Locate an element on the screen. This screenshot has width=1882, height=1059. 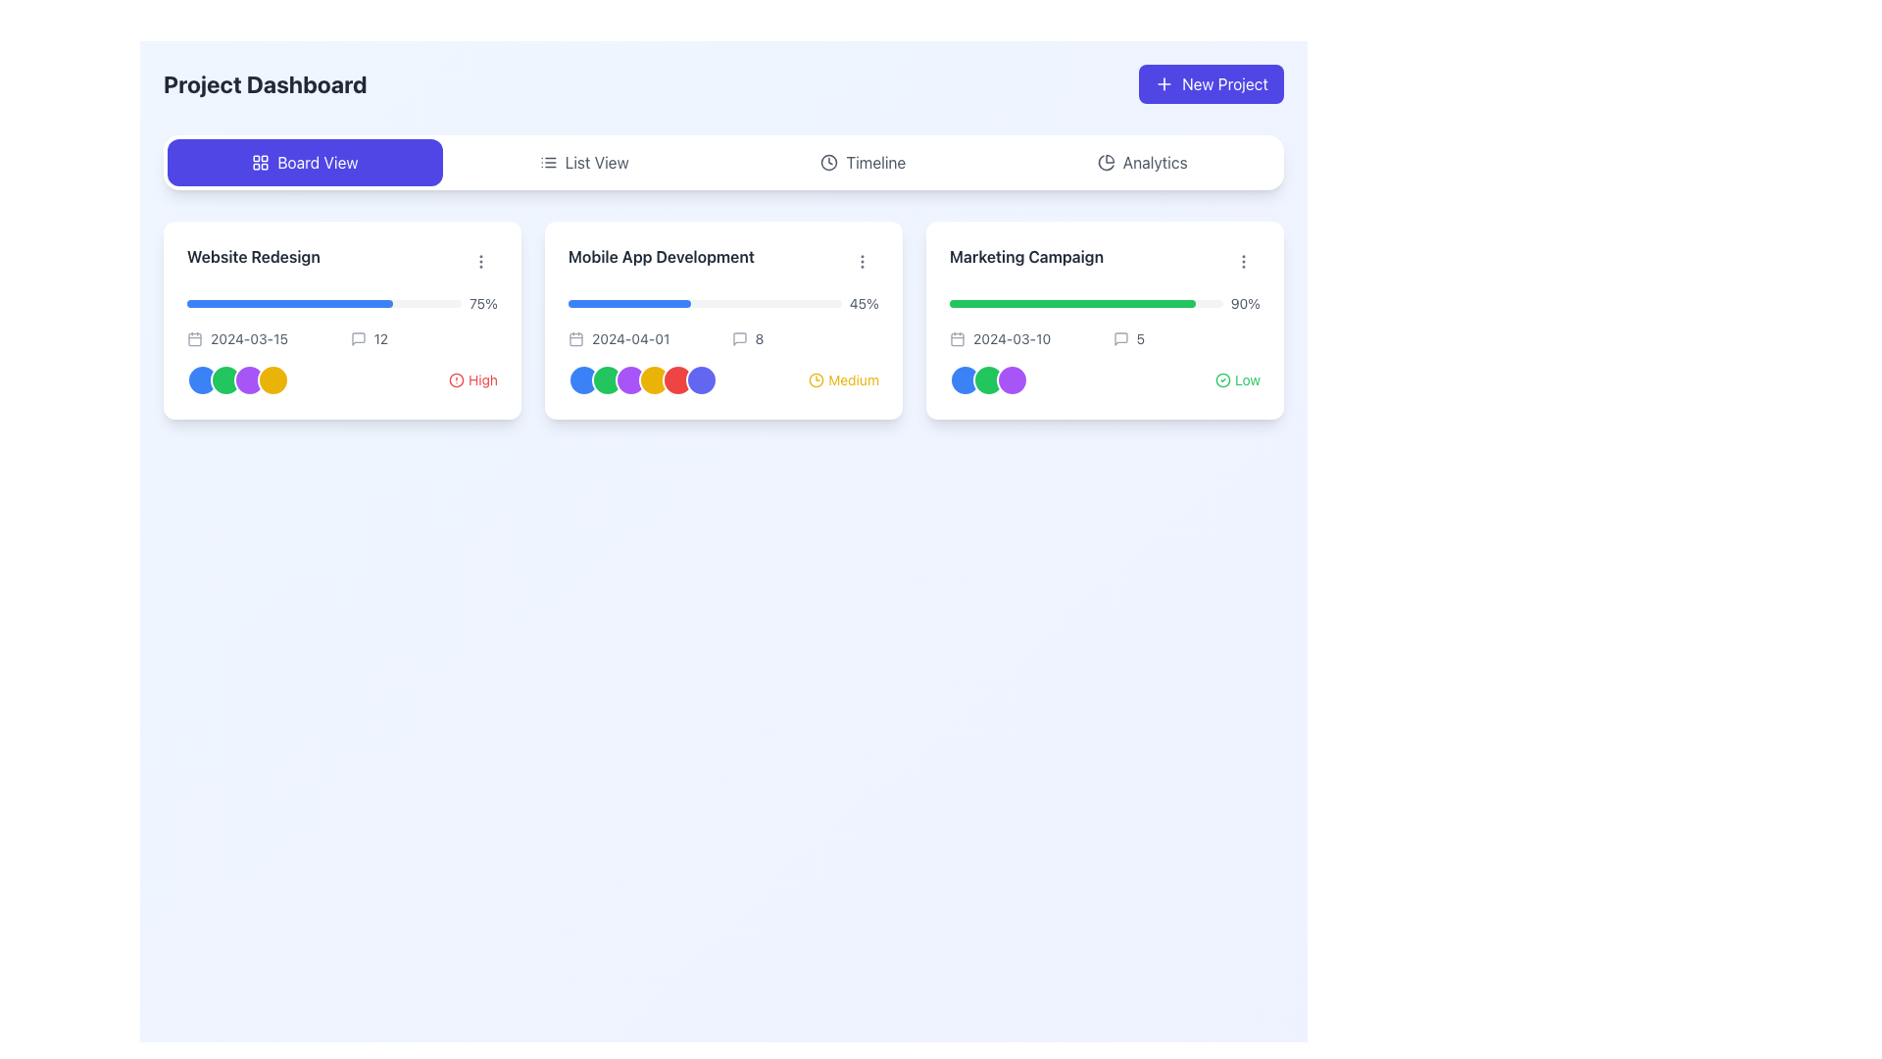
the individual circular icon in the 'Website Redesign' card, located in the lower-left section above the 'High' priority label is located at coordinates (237, 380).